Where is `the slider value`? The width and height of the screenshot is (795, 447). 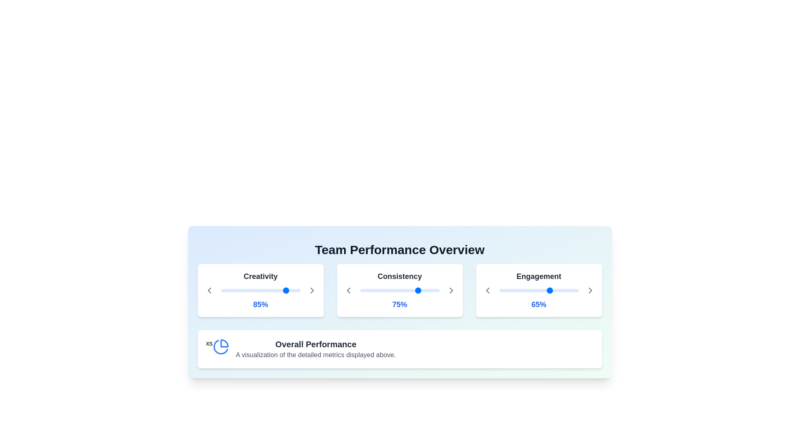 the slider value is located at coordinates (254, 290).